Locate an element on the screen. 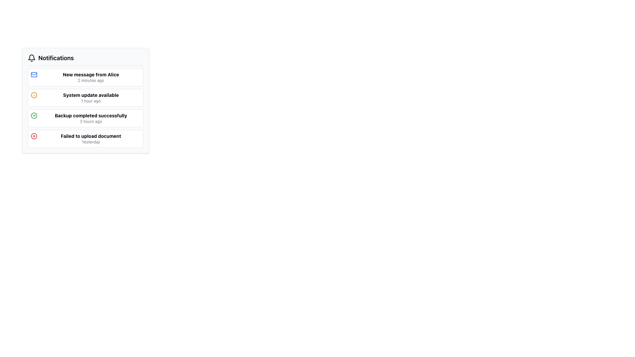 This screenshot has width=635, height=357. text label that informs the user about the failure of a document upload operation, located above a timestamp labeled 'Yesterday' in the fourth notification card is located at coordinates (90, 136).